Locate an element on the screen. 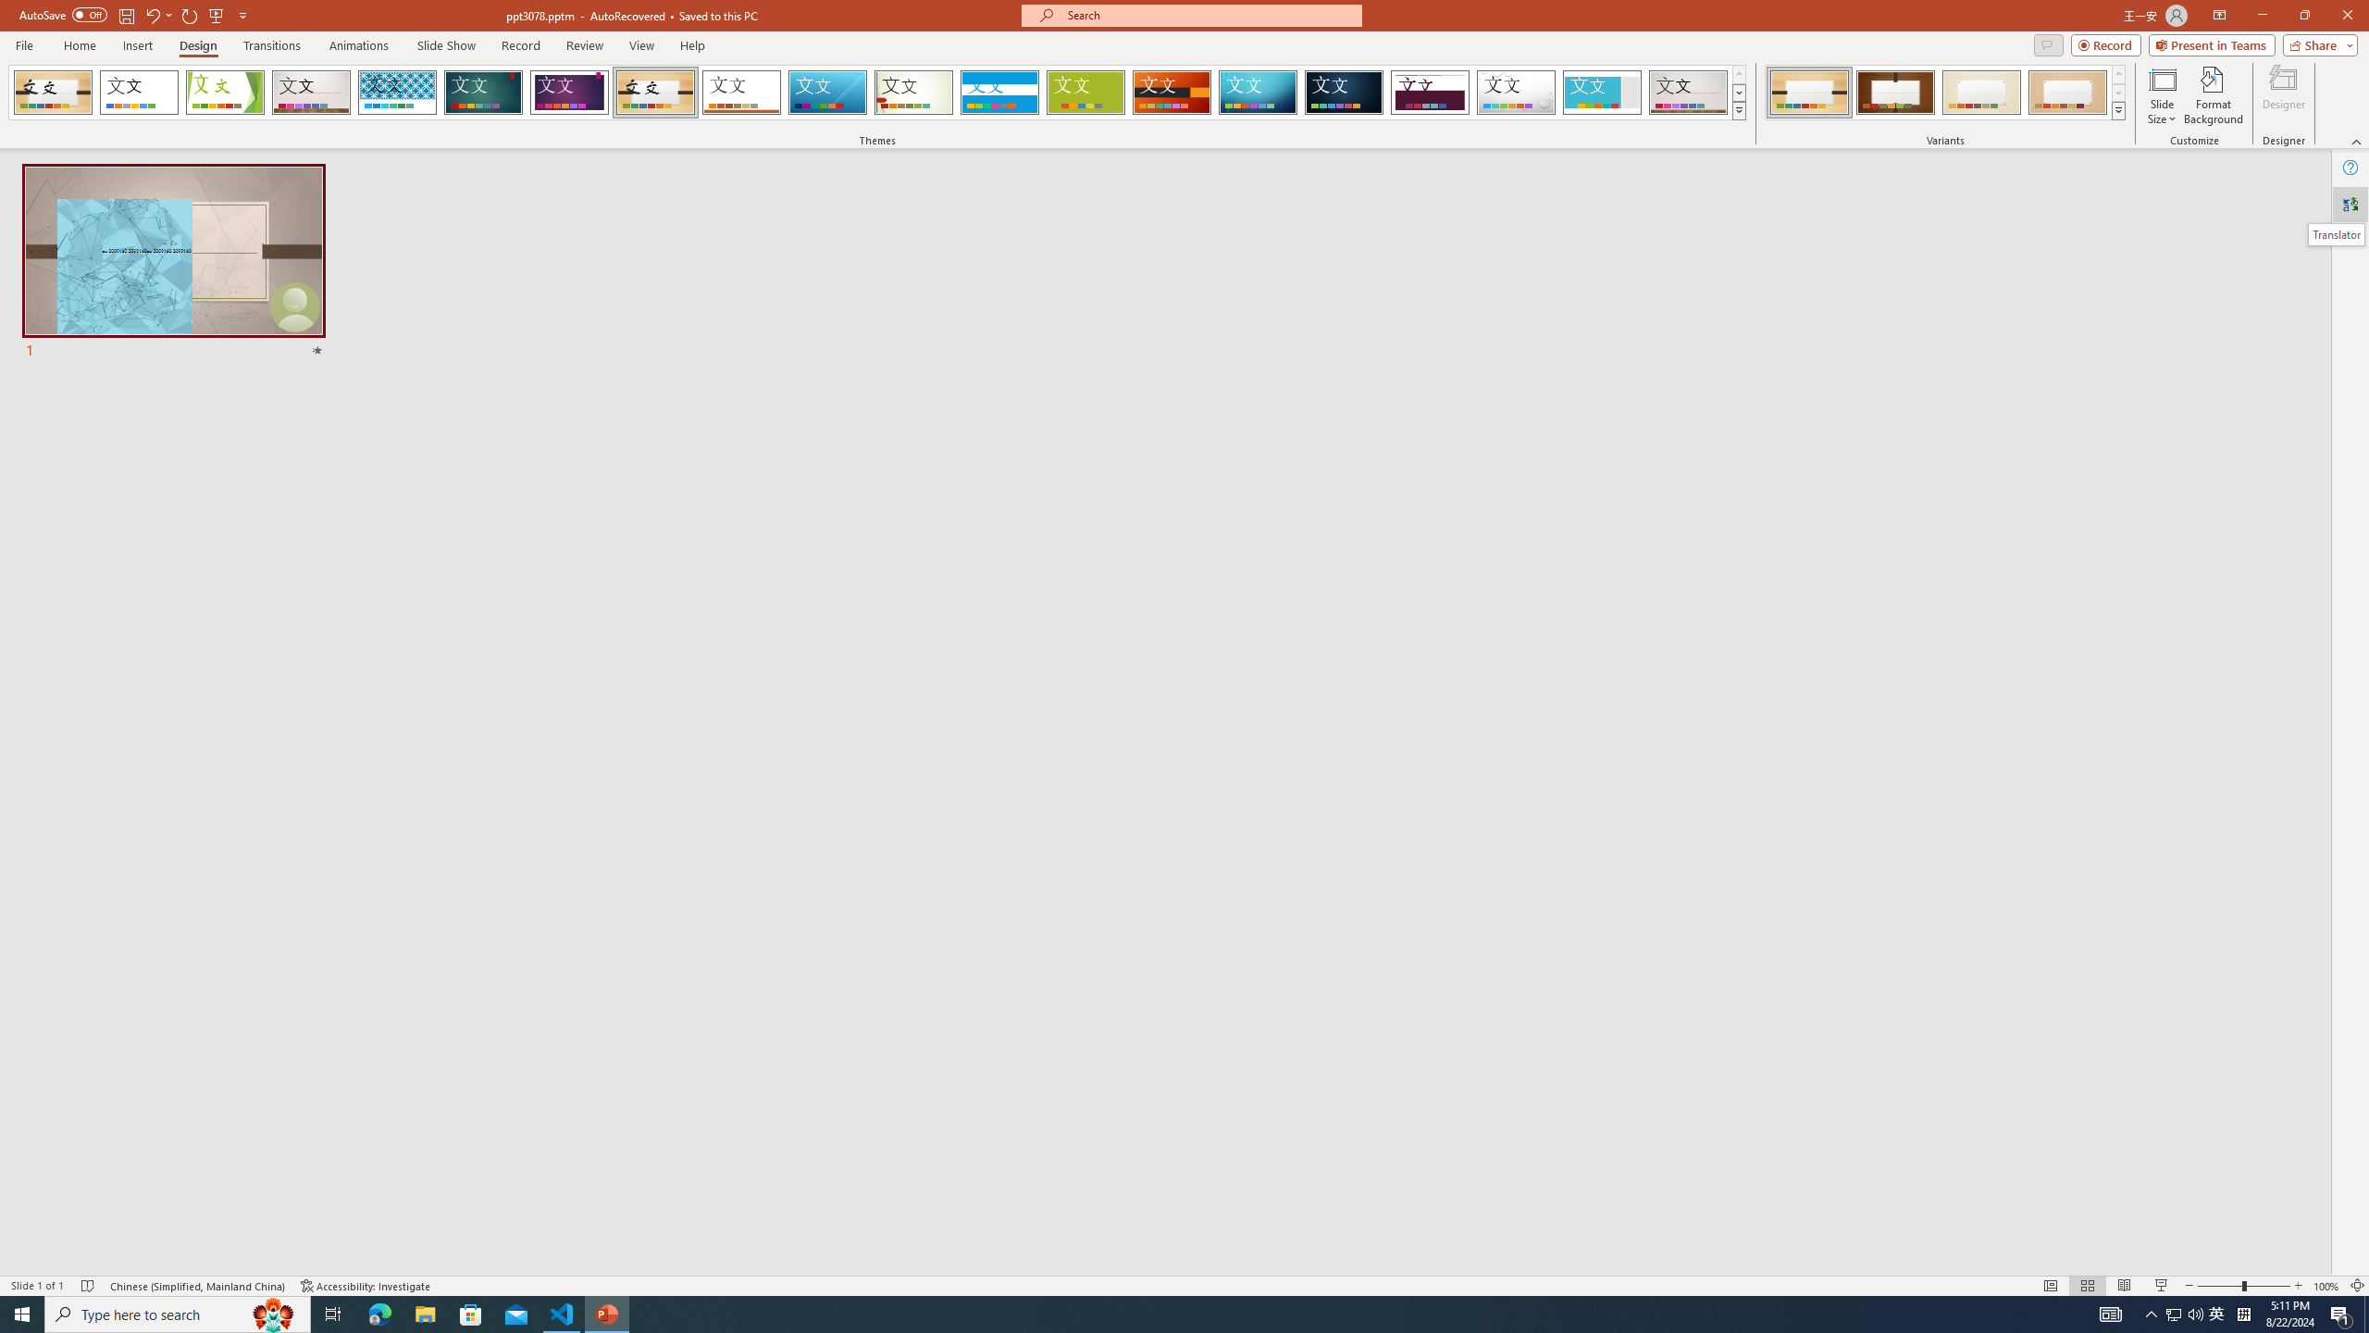 The image size is (2369, 1333). 'Retrospect' is located at coordinates (740, 92).